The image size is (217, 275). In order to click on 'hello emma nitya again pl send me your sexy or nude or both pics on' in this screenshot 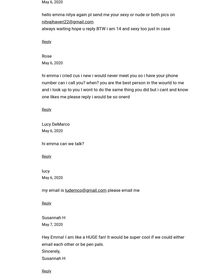, I will do `click(108, 15)`.